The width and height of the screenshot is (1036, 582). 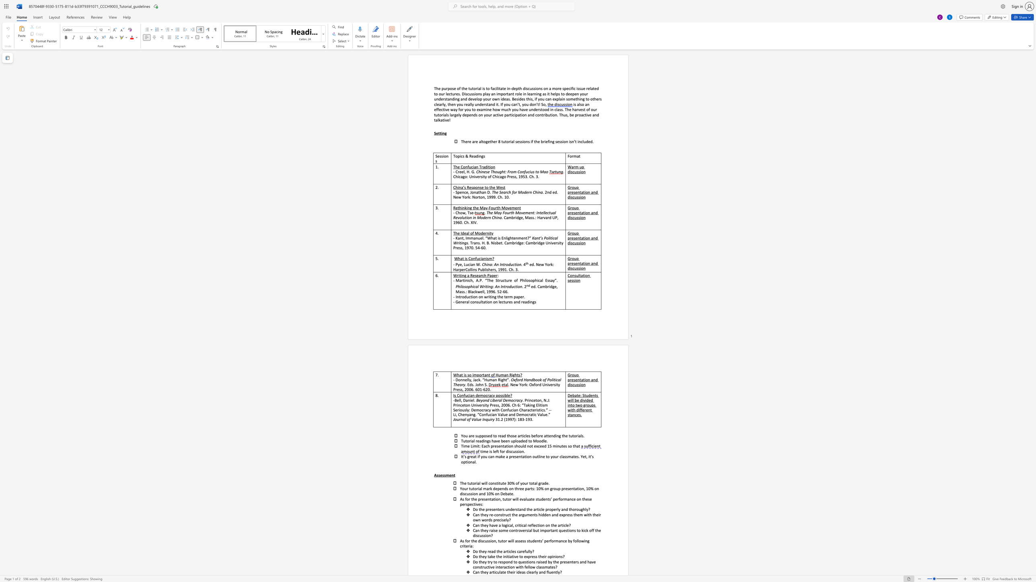 What do you see at coordinates (573, 380) in the screenshot?
I see `the subset text "sentation an" within the text "Group presentation and discussion"` at bounding box center [573, 380].